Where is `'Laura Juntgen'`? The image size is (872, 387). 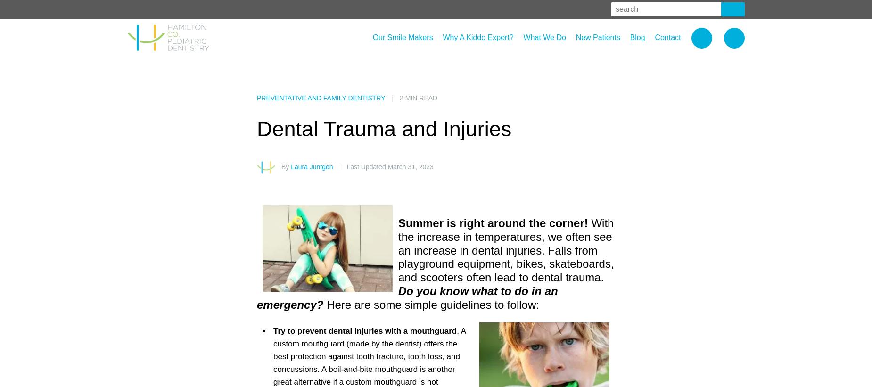 'Laura Juntgen' is located at coordinates (312, 167).